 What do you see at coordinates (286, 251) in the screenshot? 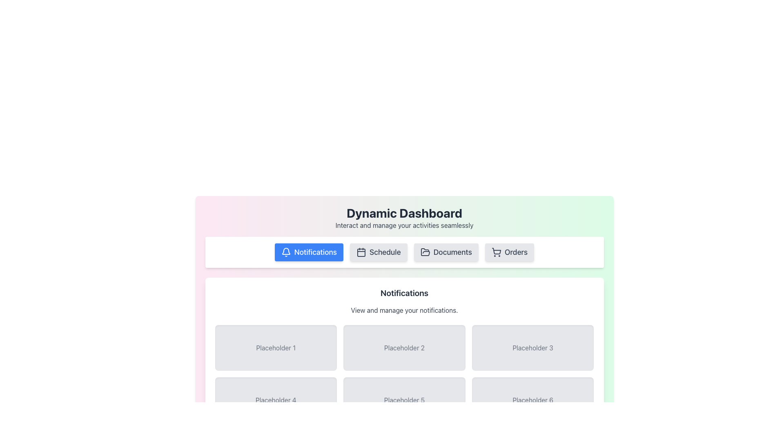
I see `the bell icon located in the 'Notifications' button in the navigation panel of the dashboard` at bounding box center [286, 251].